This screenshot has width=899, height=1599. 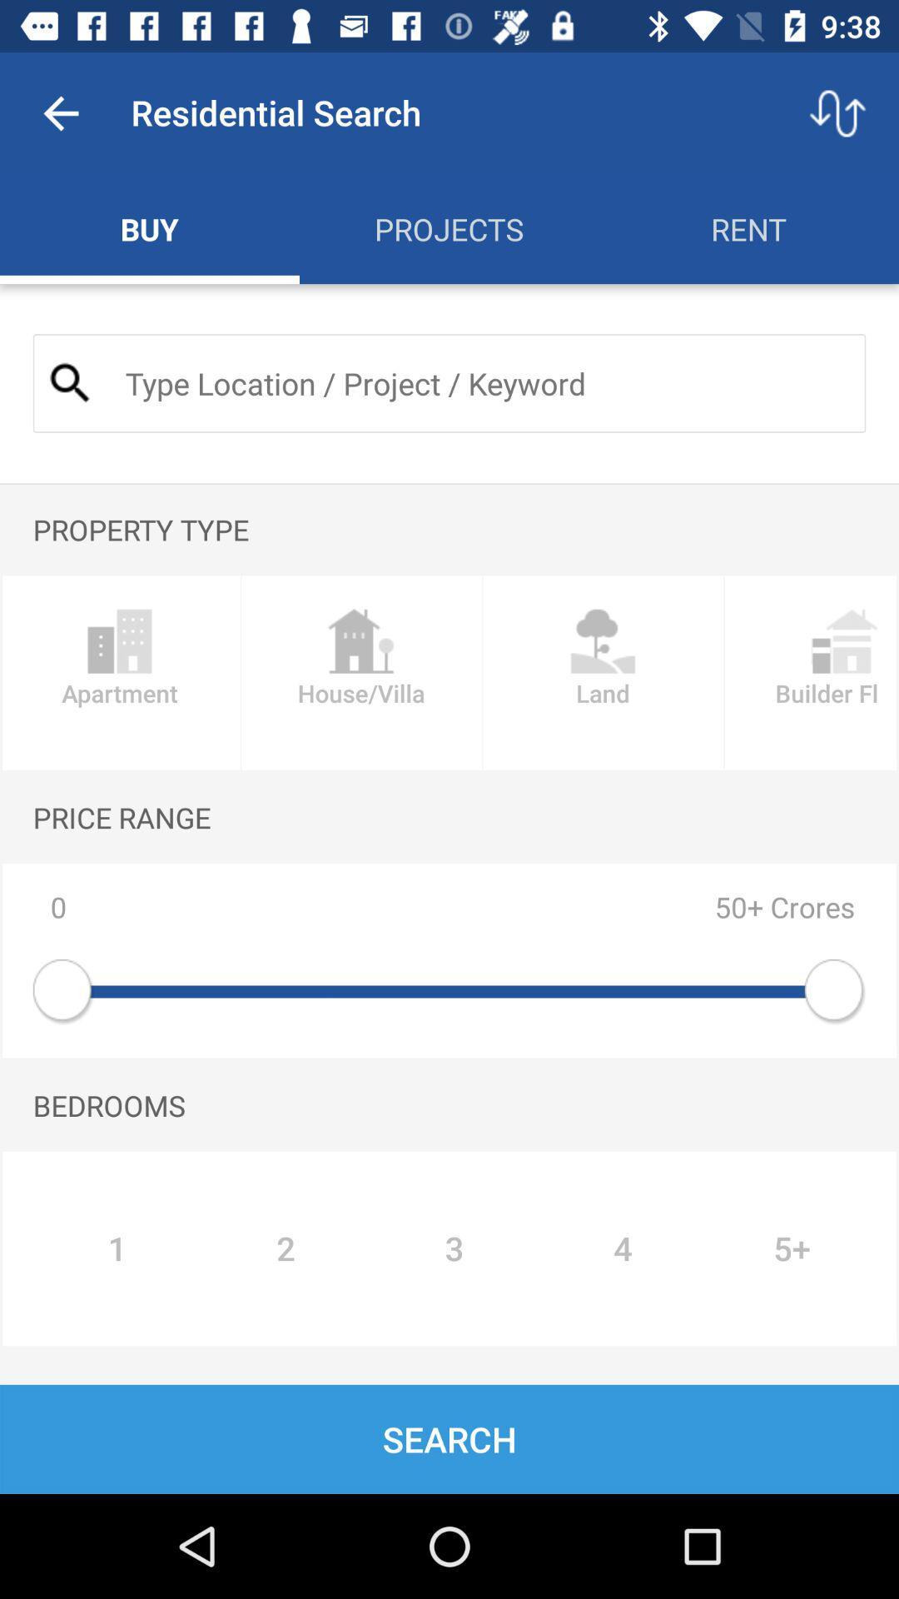 What do you see at coordinates (285, 1248) in the screenshot?
I see `2` at bounding box center [285, 1248].